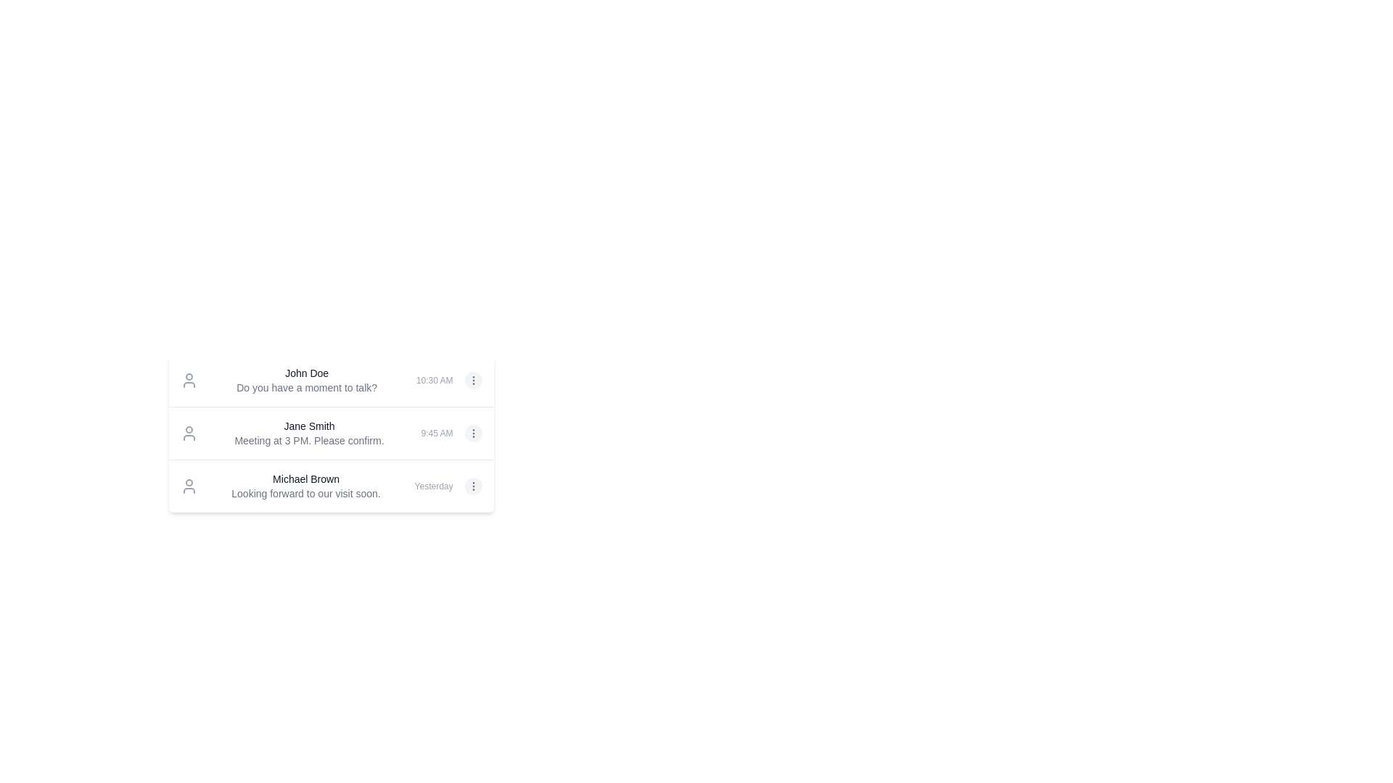  I want to click on the second message list item displaying 'Jane Smith', so click(330, 415).